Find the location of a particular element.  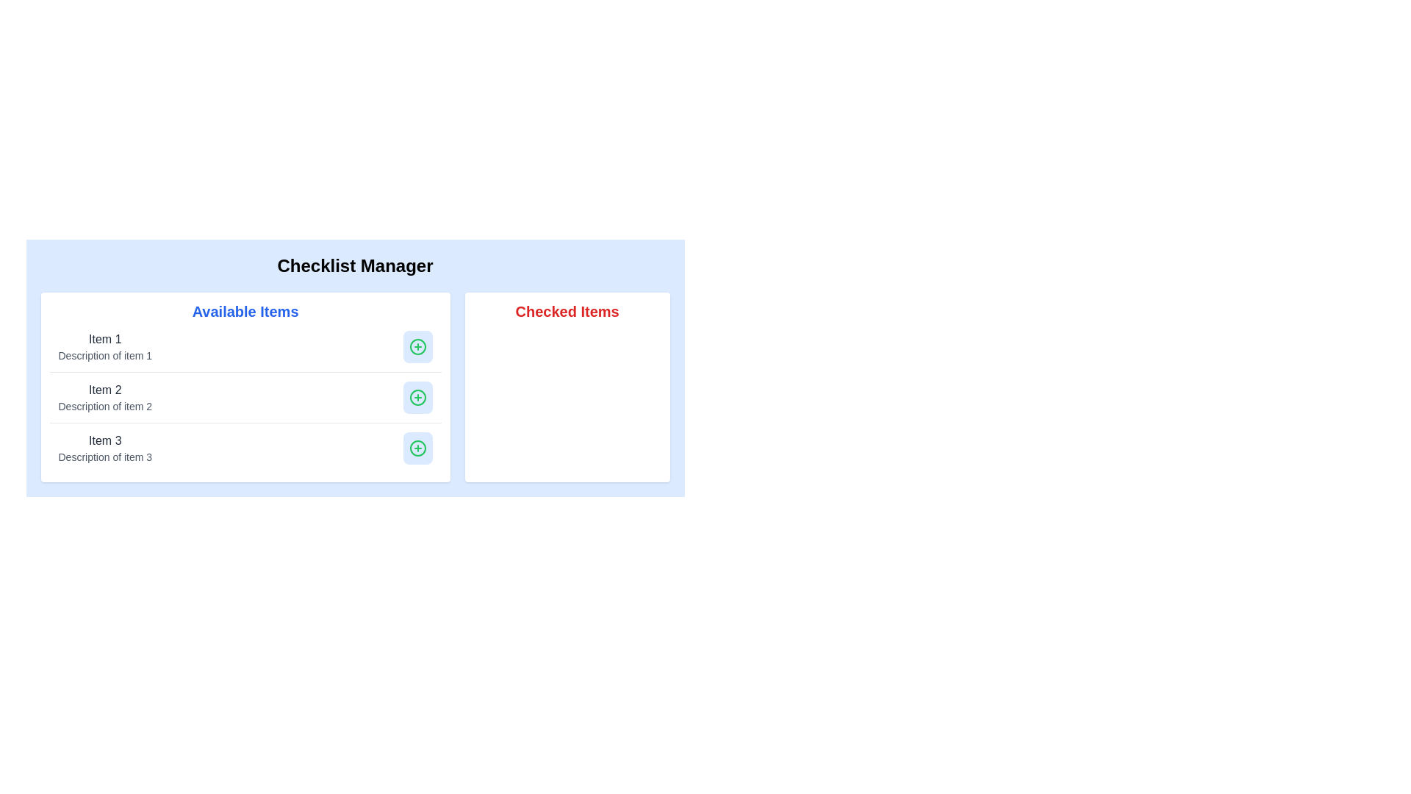

the header text 'Checklist Manager', which is bold, centered, and displayed in black on a light blue background at the top of the checklist interface is located at coordinates (355, 266).